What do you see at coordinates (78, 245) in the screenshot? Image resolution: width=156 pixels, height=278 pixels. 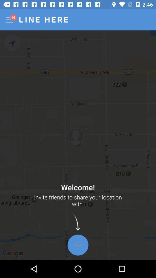 I see `press blue buttom` at bounding box center [78, 245].